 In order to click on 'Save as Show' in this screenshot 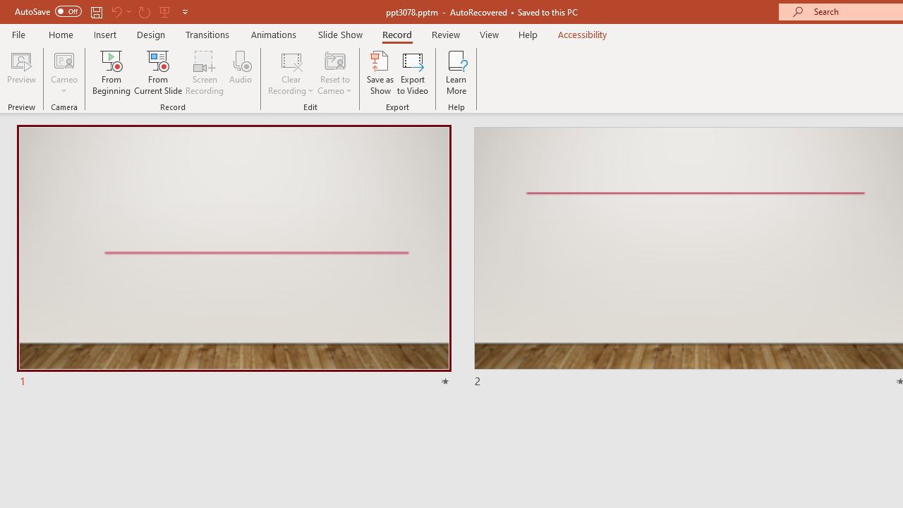, I will do `click(380, 73)`.